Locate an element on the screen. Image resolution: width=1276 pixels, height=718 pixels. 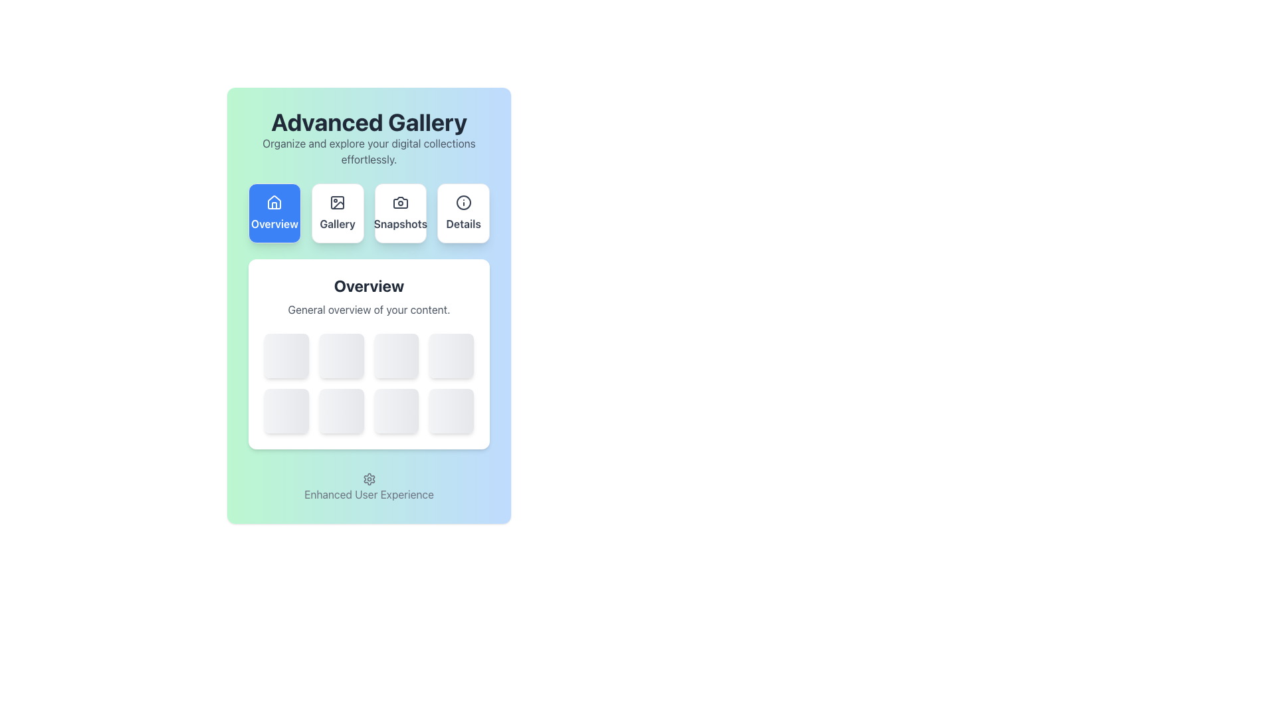
the photographic image icon within the 'Gallery' navigation button, which is the second button from the left in the navigation panel is located at coordinates (338, 202).